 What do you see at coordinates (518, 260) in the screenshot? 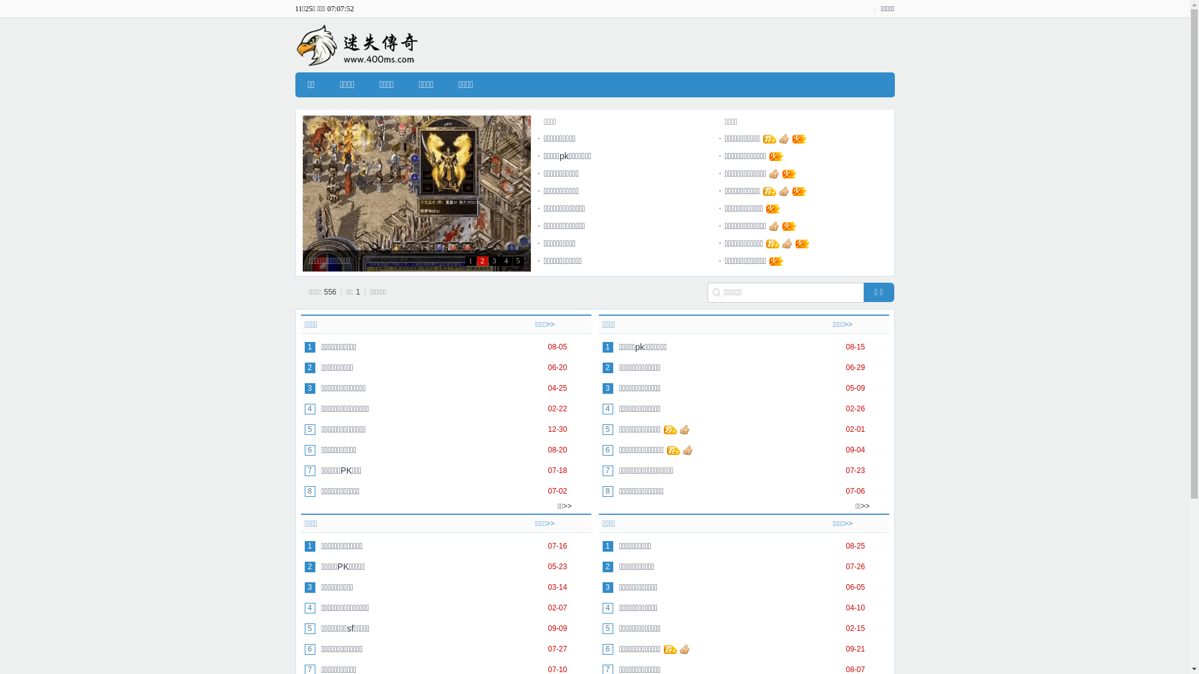
I see `'5'` at bounding box center [518, 260].